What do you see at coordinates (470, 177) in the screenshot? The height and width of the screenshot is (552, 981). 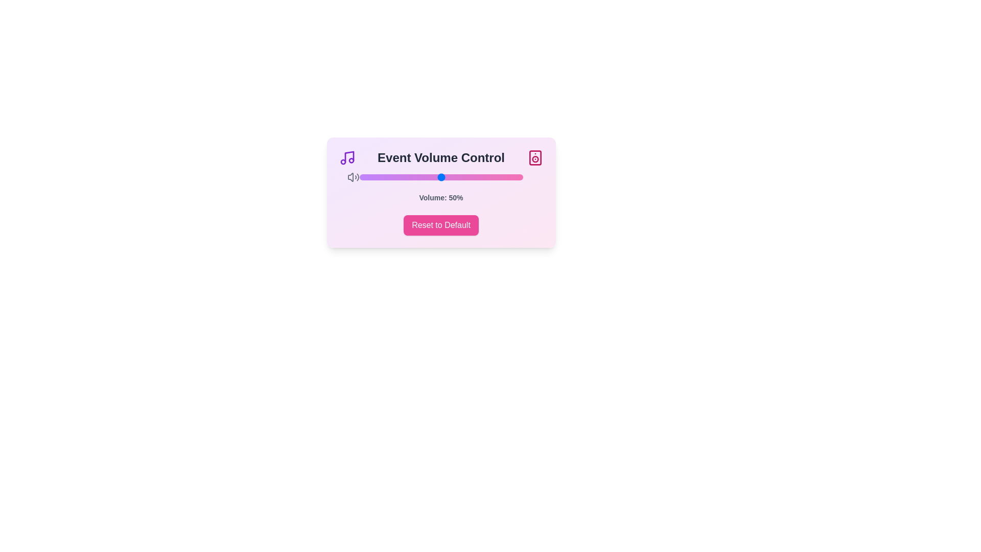 I see `the volume slider to set the volume to 68%` at bounding box center [470, 177].